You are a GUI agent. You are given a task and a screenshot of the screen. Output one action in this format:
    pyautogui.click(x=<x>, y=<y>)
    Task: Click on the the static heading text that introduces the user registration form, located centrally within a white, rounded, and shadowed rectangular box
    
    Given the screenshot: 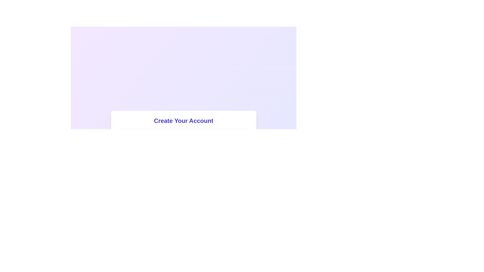 What is the action you would take?
    pyautogui.click(x=183, y=121)
    